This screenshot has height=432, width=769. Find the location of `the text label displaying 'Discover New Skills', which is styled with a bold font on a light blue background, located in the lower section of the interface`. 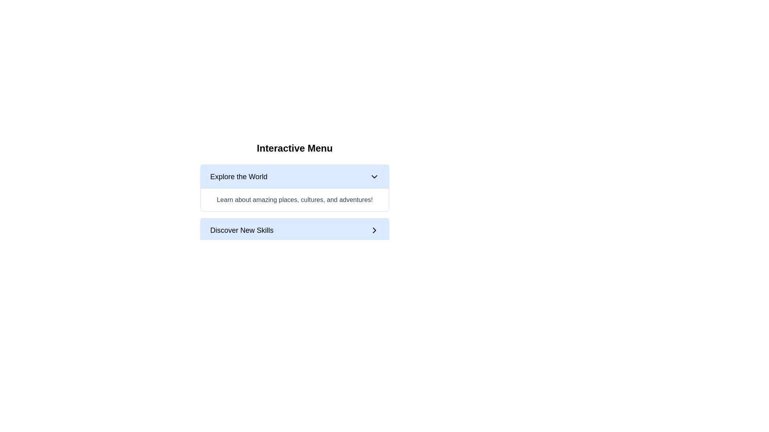

the text label displaying 'Discover New Skills', which is styled with a bold font on a light blue background, located in the lower section of the interface is located at coordinates (242, 230).